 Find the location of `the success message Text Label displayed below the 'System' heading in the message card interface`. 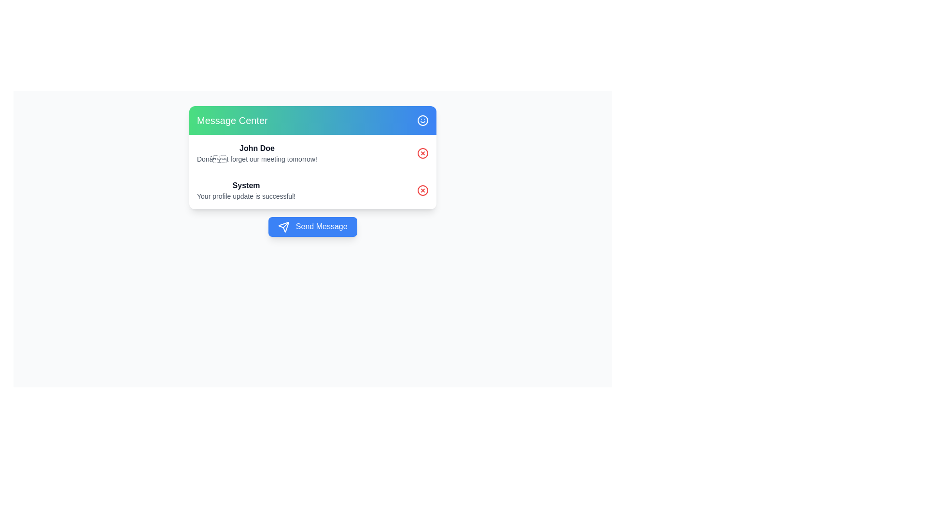

the success message Text Label displayed below the 'System' heading in the message card interface is located at coordinates (246, 196).